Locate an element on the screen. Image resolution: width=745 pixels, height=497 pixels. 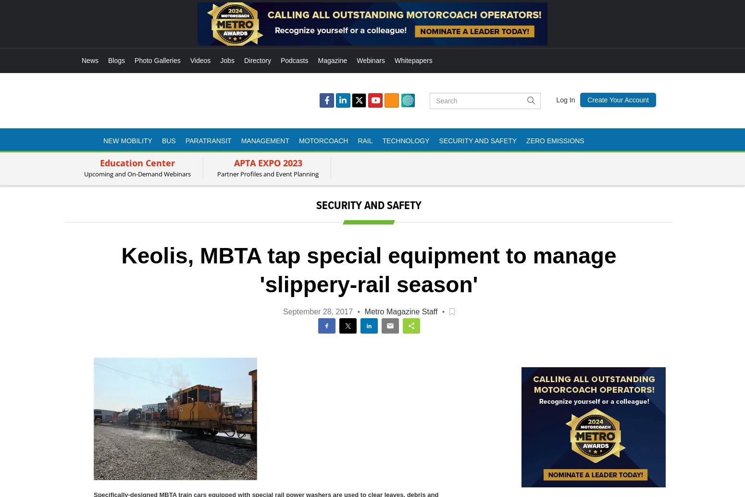
'New Mobility' is located at coordinates (127, 140).